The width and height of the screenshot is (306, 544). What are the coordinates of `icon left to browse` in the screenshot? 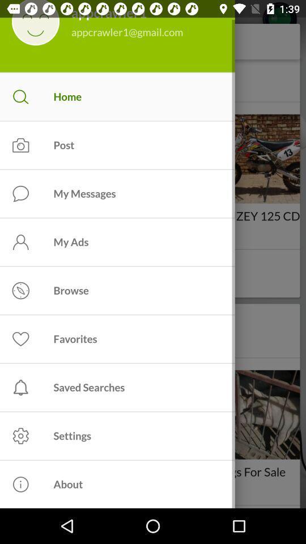 It's located at (20, 290).